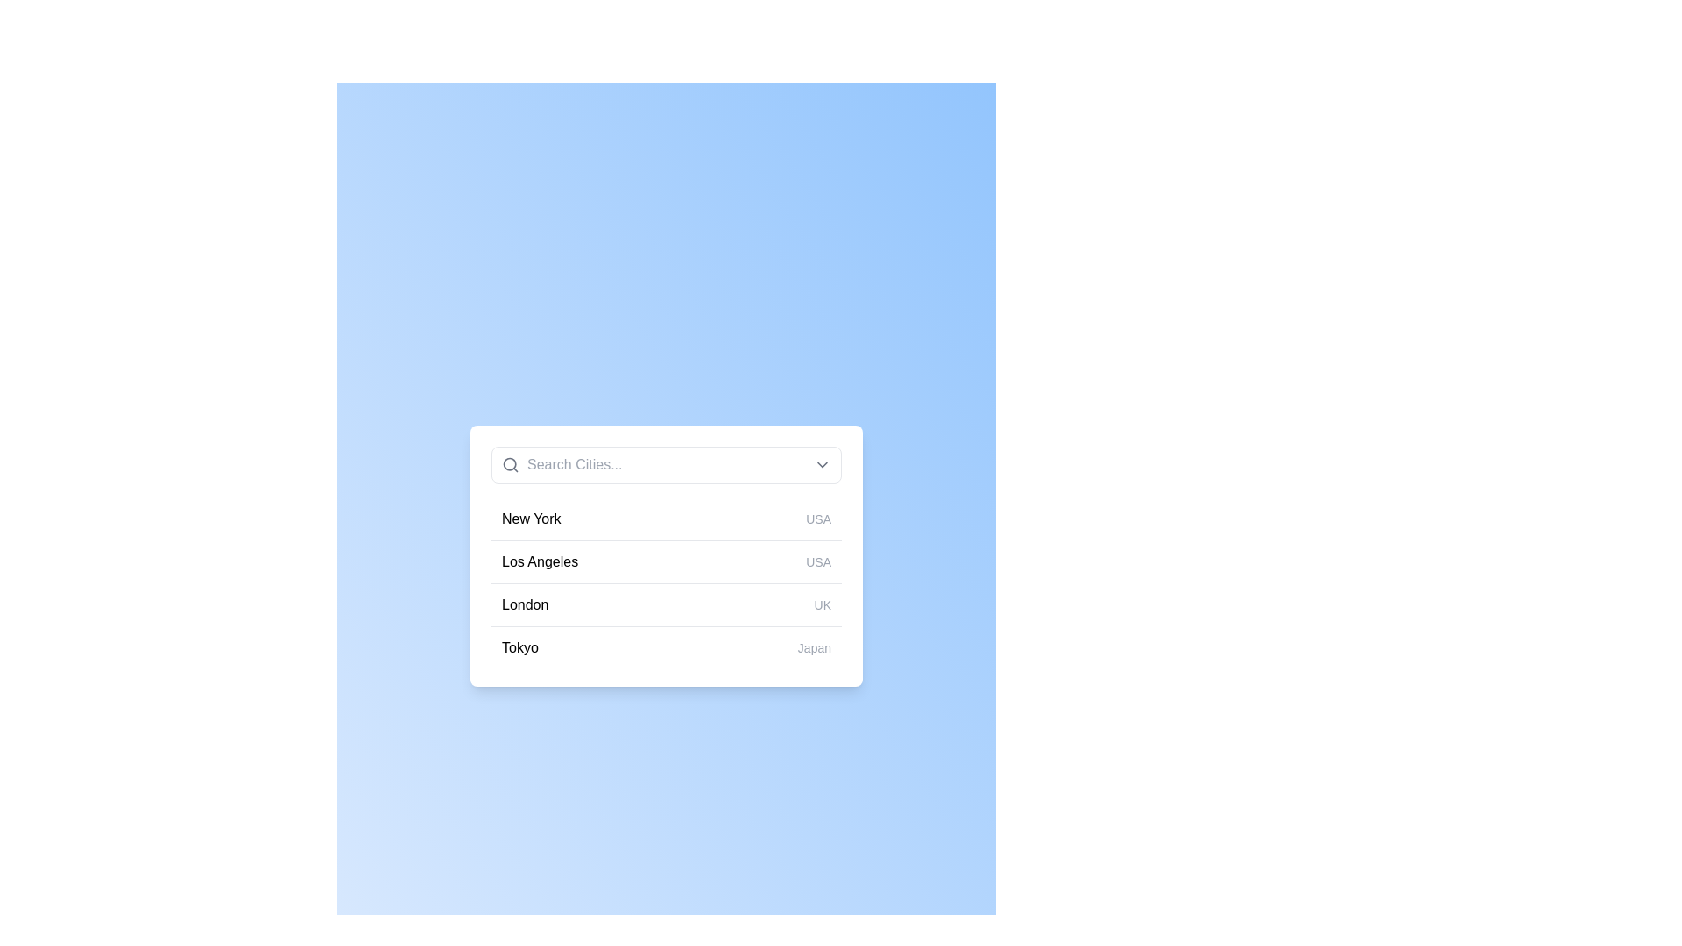 This screenshot has height=946, width=1682. Describe the element at coordinates (666, 581) in the screenshot. I see `the selectable list item for 'Los Angeles' located as the second item in the dropdown list, positioned between 'New York, USA' and 'London, UK'` at that location.